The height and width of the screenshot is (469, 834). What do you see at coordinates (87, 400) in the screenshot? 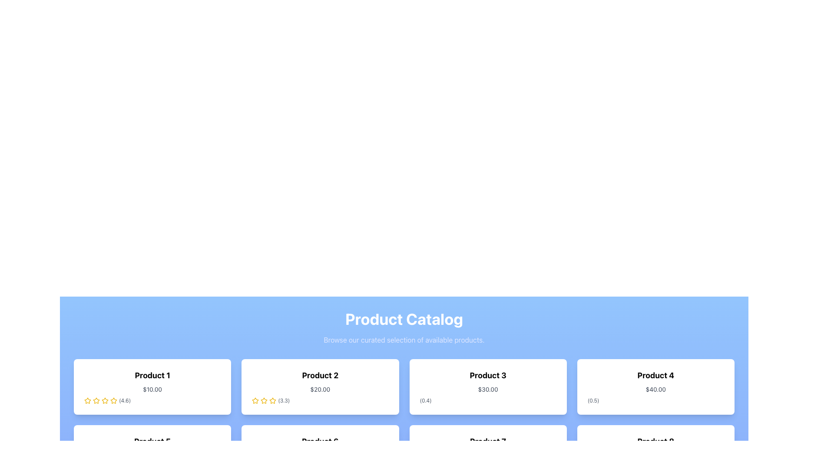
I see `first star icon in the 5-star rating system for 'Product 1' priced at '$10.00', positioned to the left of the numeric rating '(4.6)'` at bounding box center [87, 400].